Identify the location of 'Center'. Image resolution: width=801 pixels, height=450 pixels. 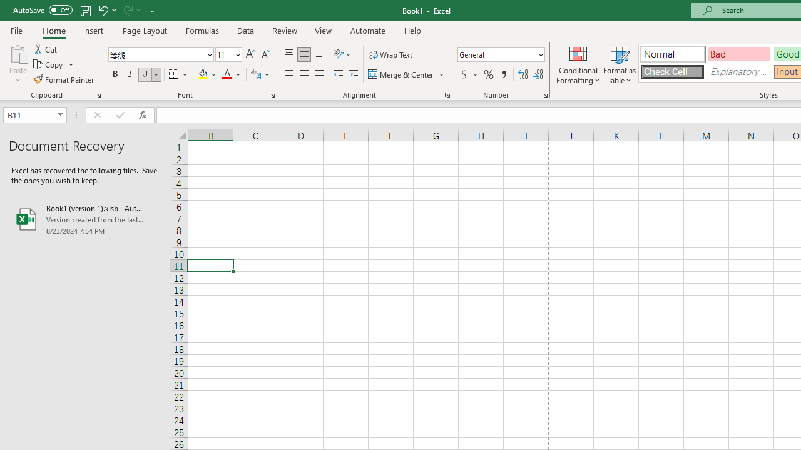
(304, 74).